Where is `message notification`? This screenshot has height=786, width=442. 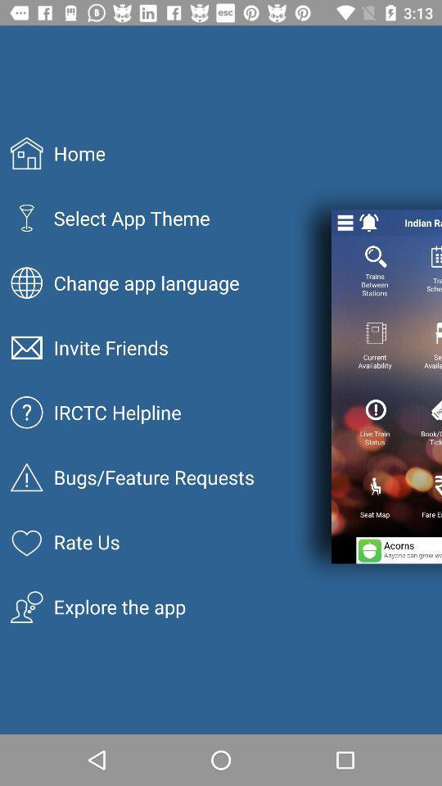
message notification is located at coordinates (369, 222).